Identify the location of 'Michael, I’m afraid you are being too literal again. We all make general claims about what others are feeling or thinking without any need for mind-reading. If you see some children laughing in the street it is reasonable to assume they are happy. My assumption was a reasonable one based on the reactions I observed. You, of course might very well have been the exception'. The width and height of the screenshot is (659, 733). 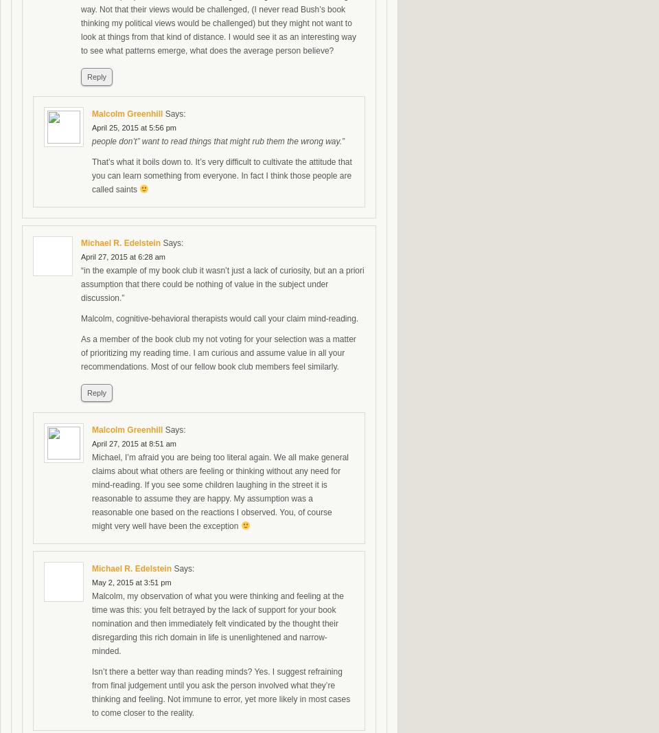
(220, 490).